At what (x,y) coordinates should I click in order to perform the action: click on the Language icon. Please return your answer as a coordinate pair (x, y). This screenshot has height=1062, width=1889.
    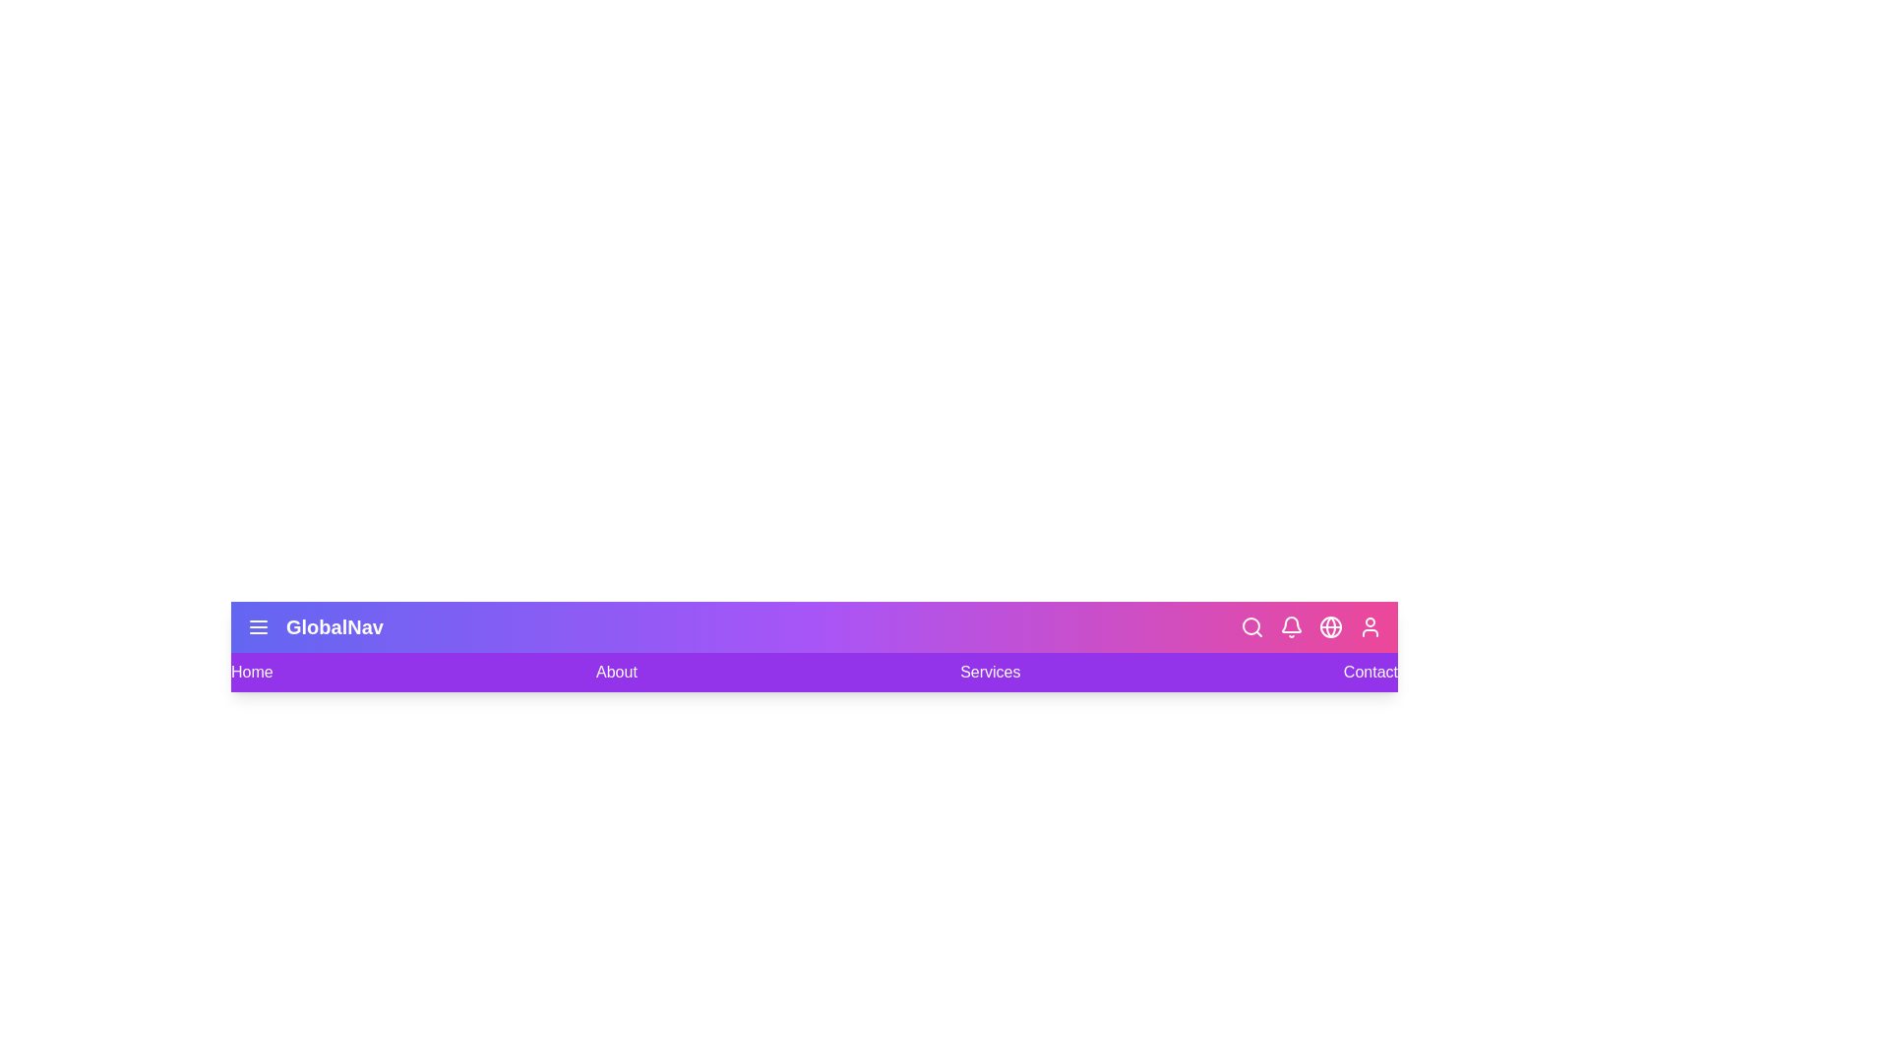
    Looking at the image, I should click on (1331, 626).